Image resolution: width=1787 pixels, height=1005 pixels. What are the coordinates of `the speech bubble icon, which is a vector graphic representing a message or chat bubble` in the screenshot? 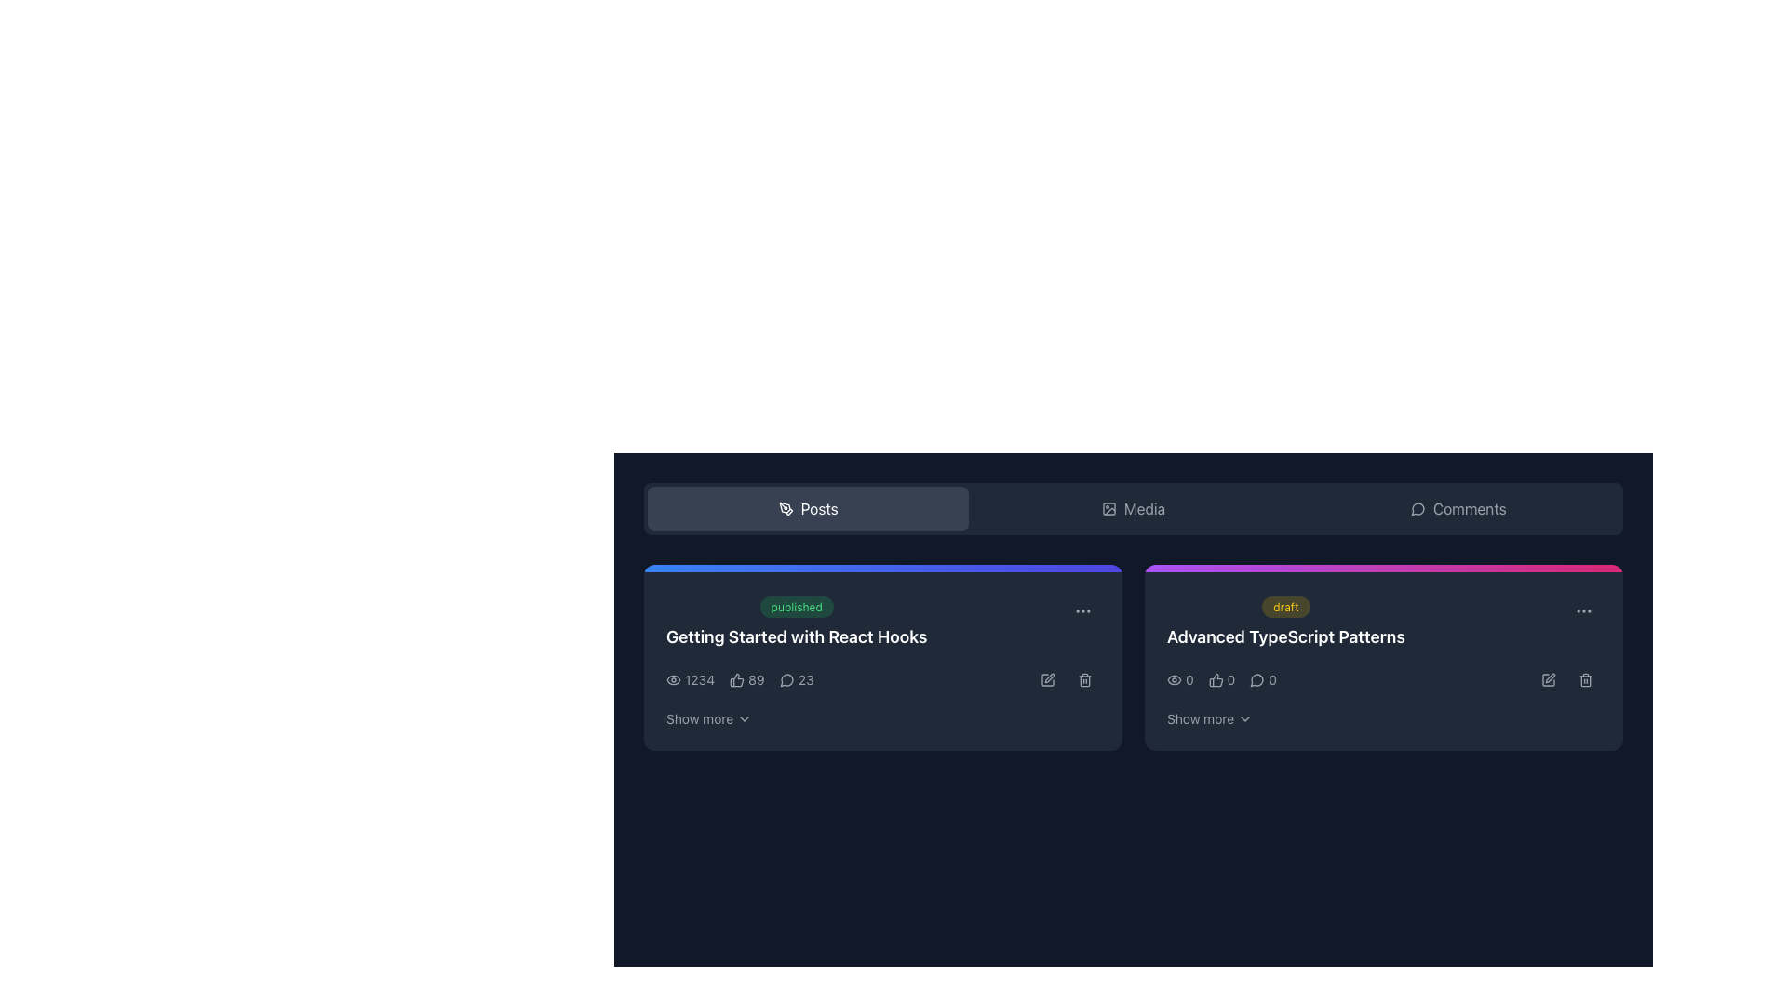 It's located at (786, 680).